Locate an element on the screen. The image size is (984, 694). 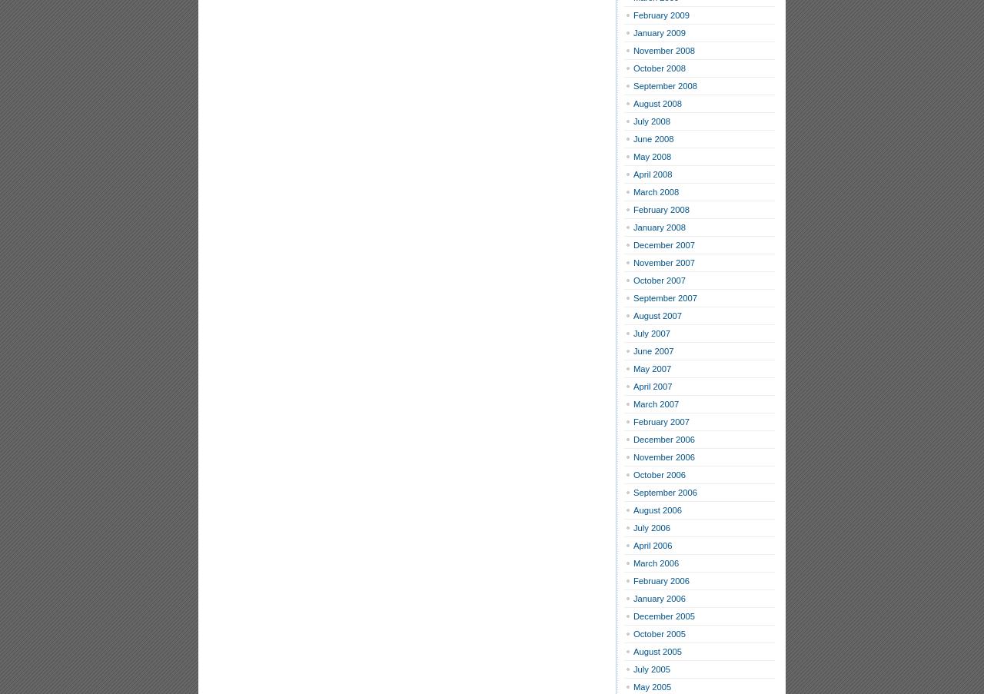
'January 2008' is located at coordinates (659, 227).